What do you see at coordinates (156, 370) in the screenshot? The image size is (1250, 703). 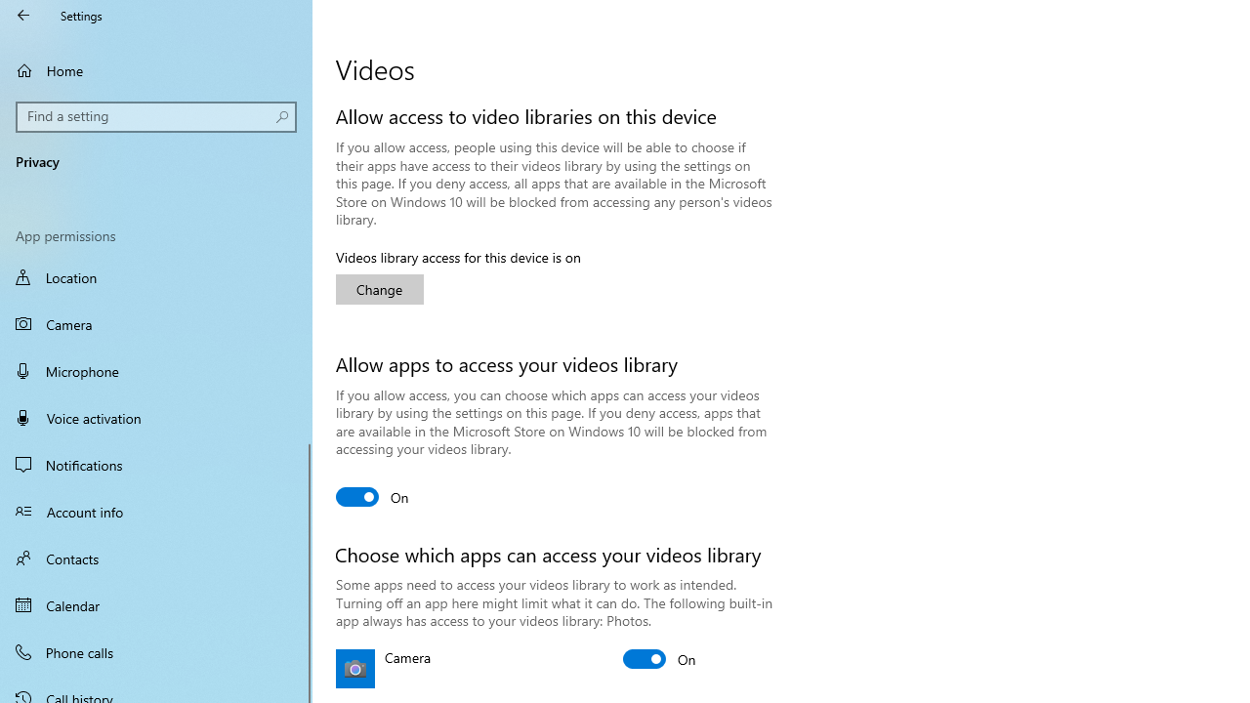 I see `'Microphone'` at bounding box center [156, 370].